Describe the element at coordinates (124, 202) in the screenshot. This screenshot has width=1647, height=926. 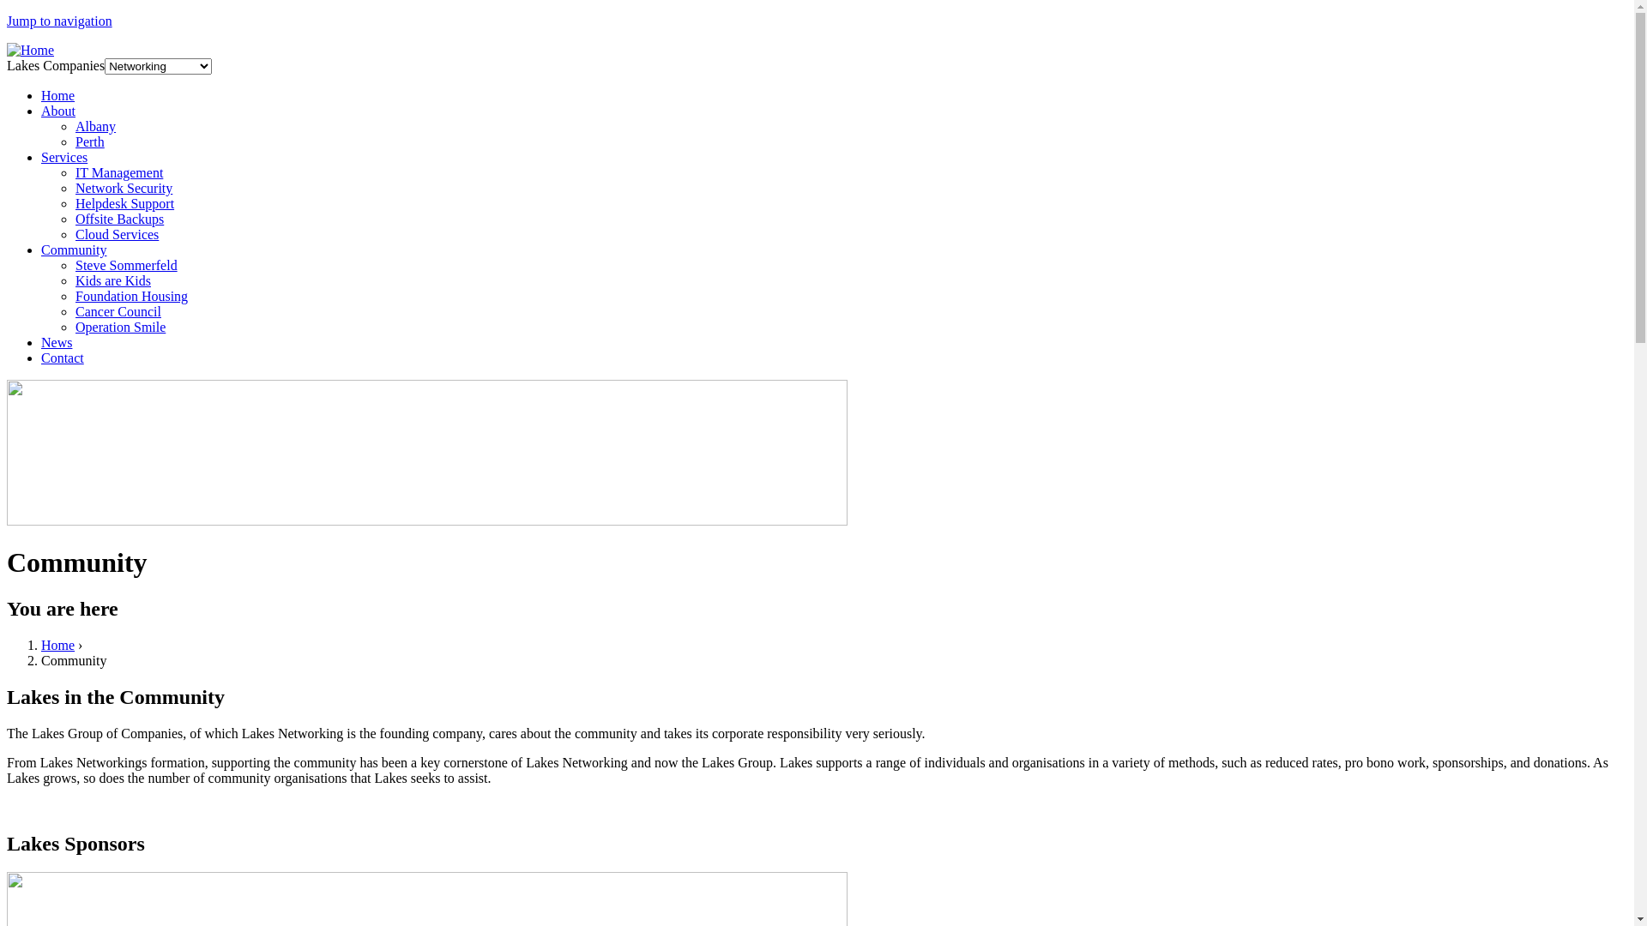
I see `'Helpdesk Support'` at that location.